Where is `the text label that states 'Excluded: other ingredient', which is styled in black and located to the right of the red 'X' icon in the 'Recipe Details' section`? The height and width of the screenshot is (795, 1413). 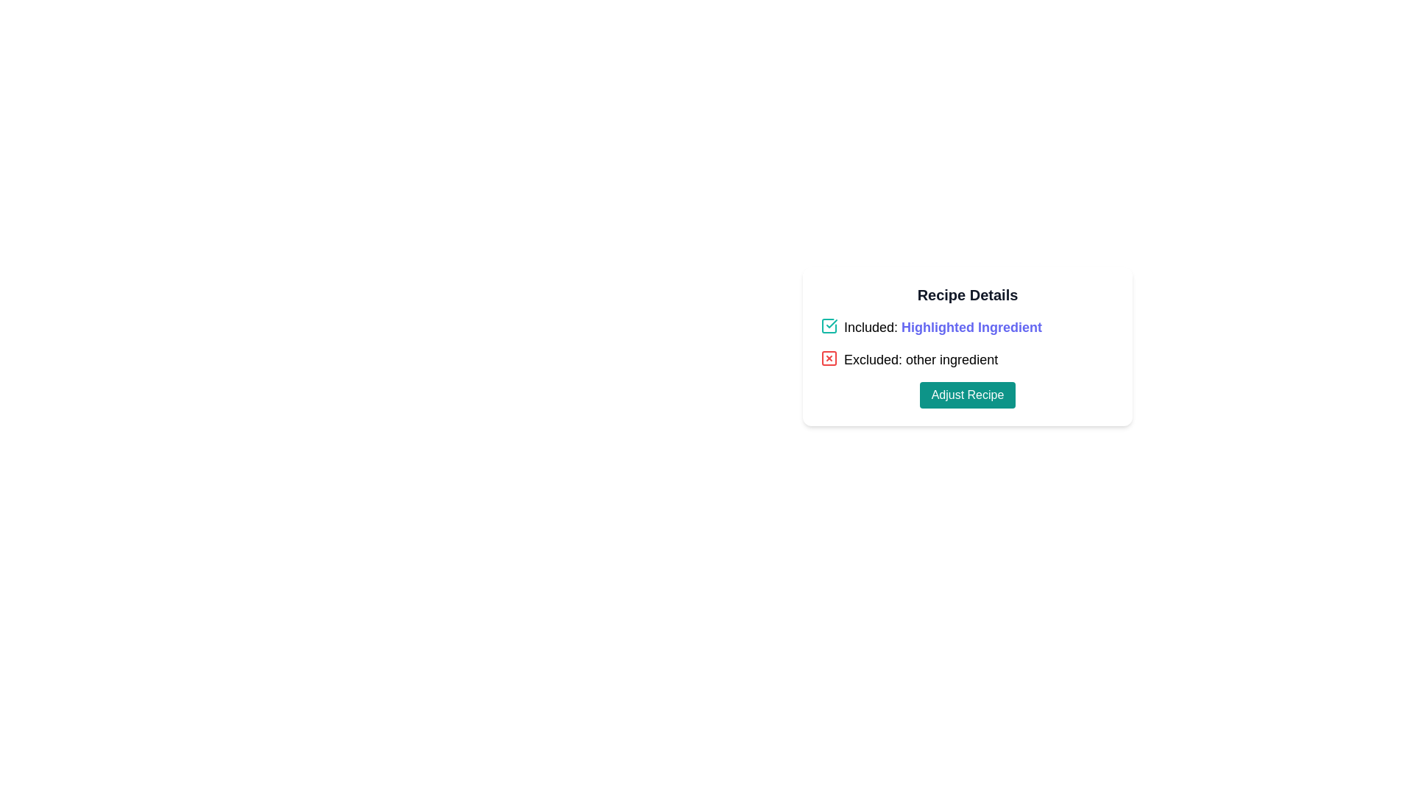
the text label that states 'Excluded: other ingredient', which is styled in black and located to the right of the red 'X' icon in the 'Recipe Details' section is located at coordinates (920, 360).